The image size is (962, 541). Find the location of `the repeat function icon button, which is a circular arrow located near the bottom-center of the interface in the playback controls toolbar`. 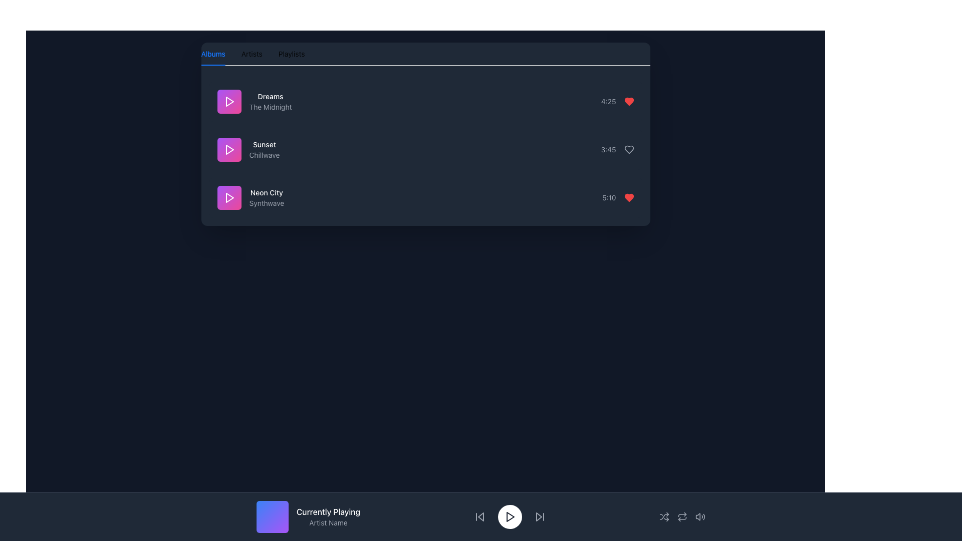

the repeat function icon button, which is a circular arrow located near the bottom-center of the interface in the playback controls toolbar is located at coordinates (682, 517).